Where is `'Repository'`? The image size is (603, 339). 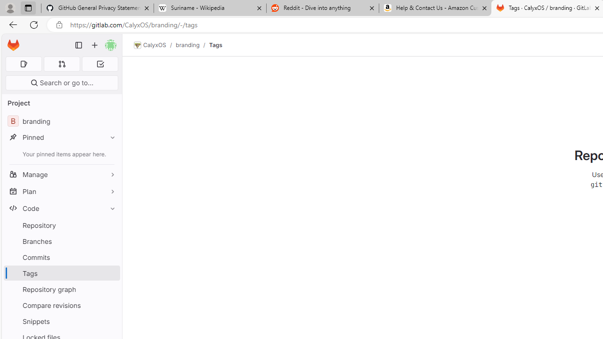
'Repository' is located at coordinates (61, 225).